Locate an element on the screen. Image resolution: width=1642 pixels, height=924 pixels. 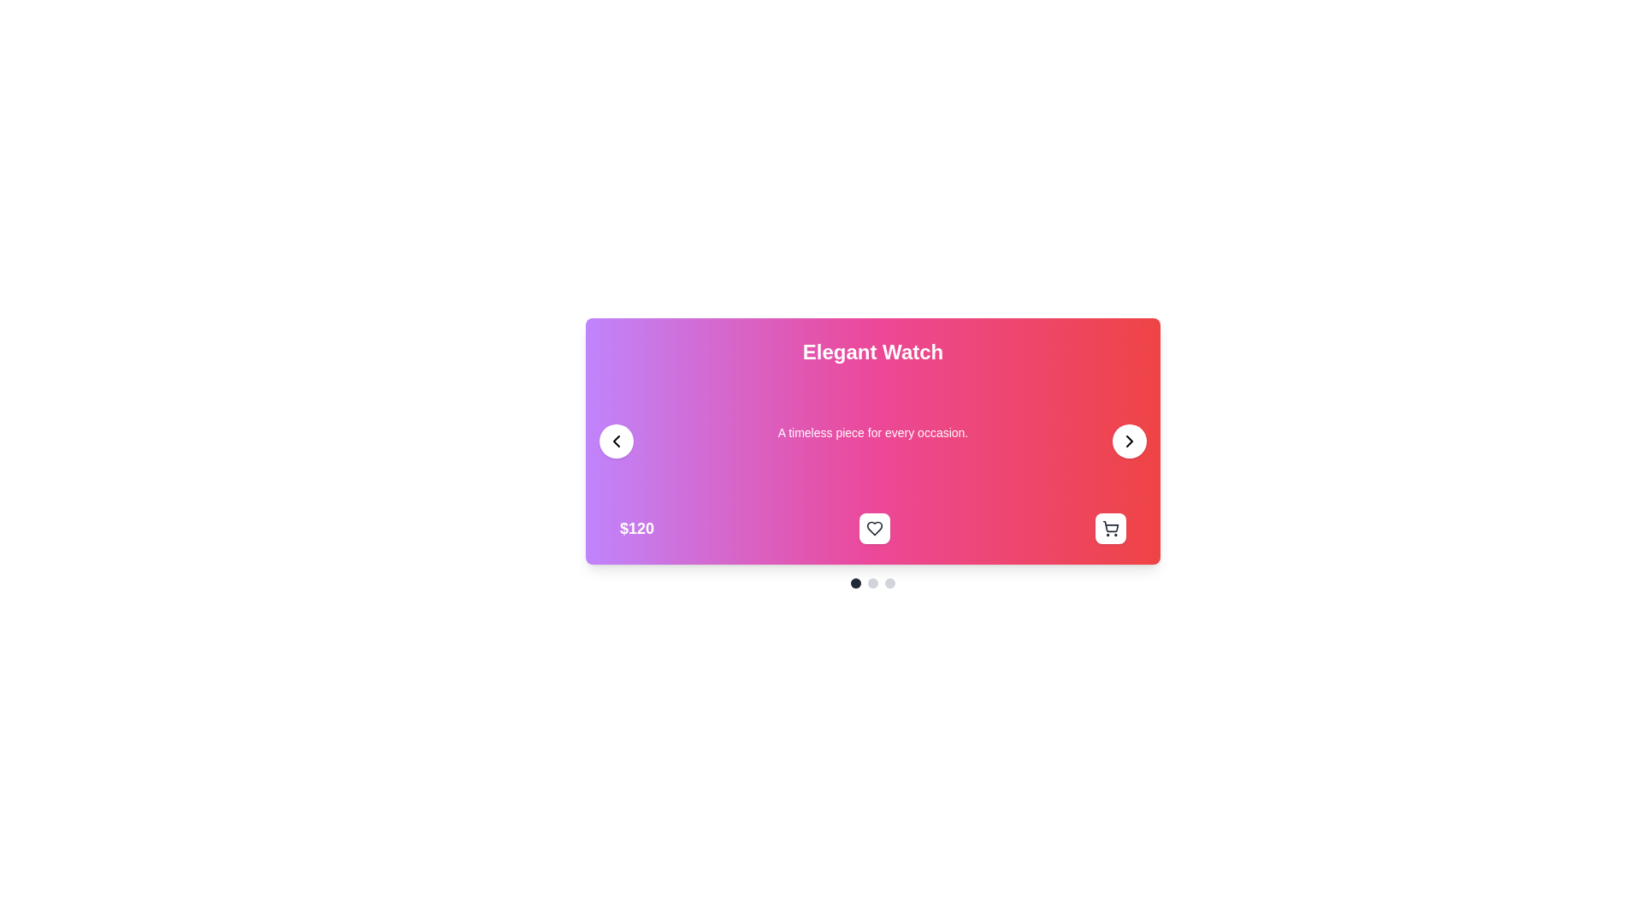
the third dot in the carousel navigation indicator is located at coordinates (889, 583).